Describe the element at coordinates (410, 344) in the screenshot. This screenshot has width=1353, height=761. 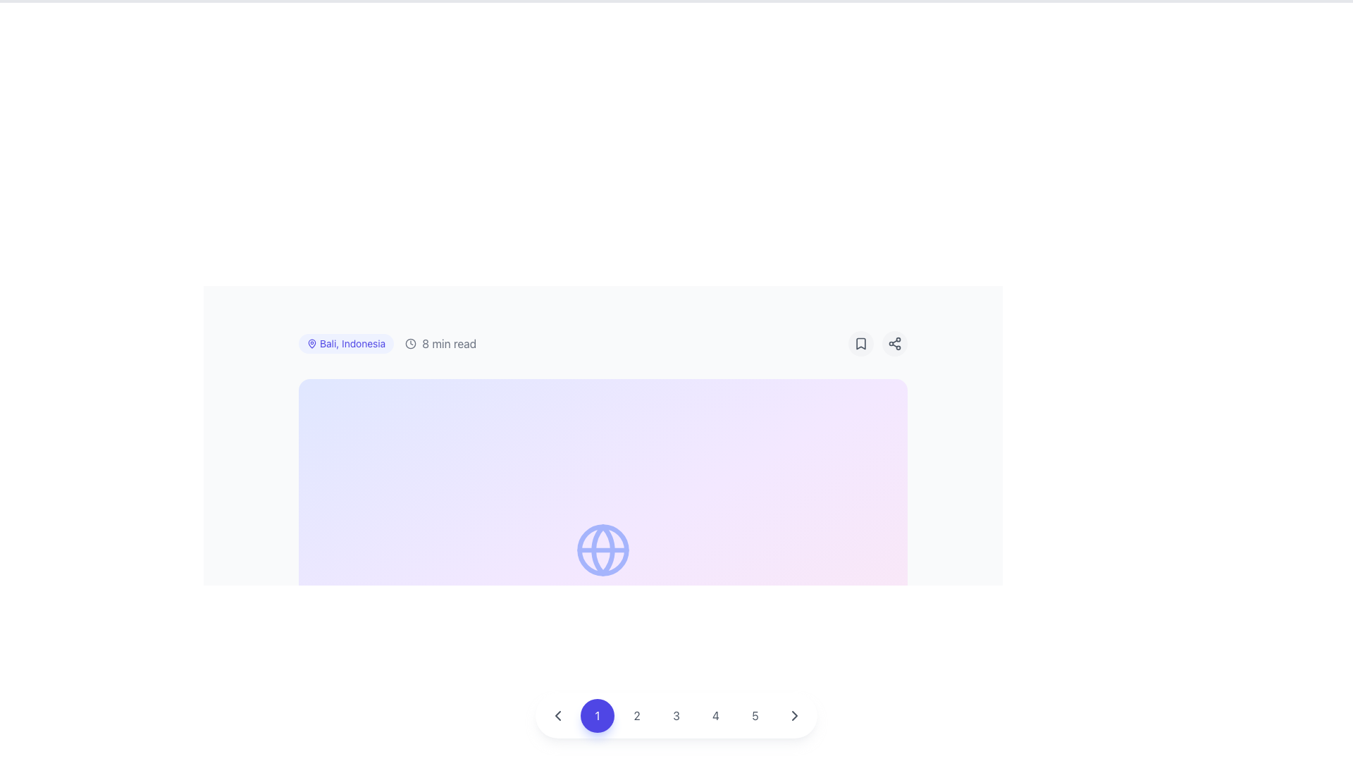
I see `the small circular grey clock icon located to the left of the text '8 min read'` at that location.